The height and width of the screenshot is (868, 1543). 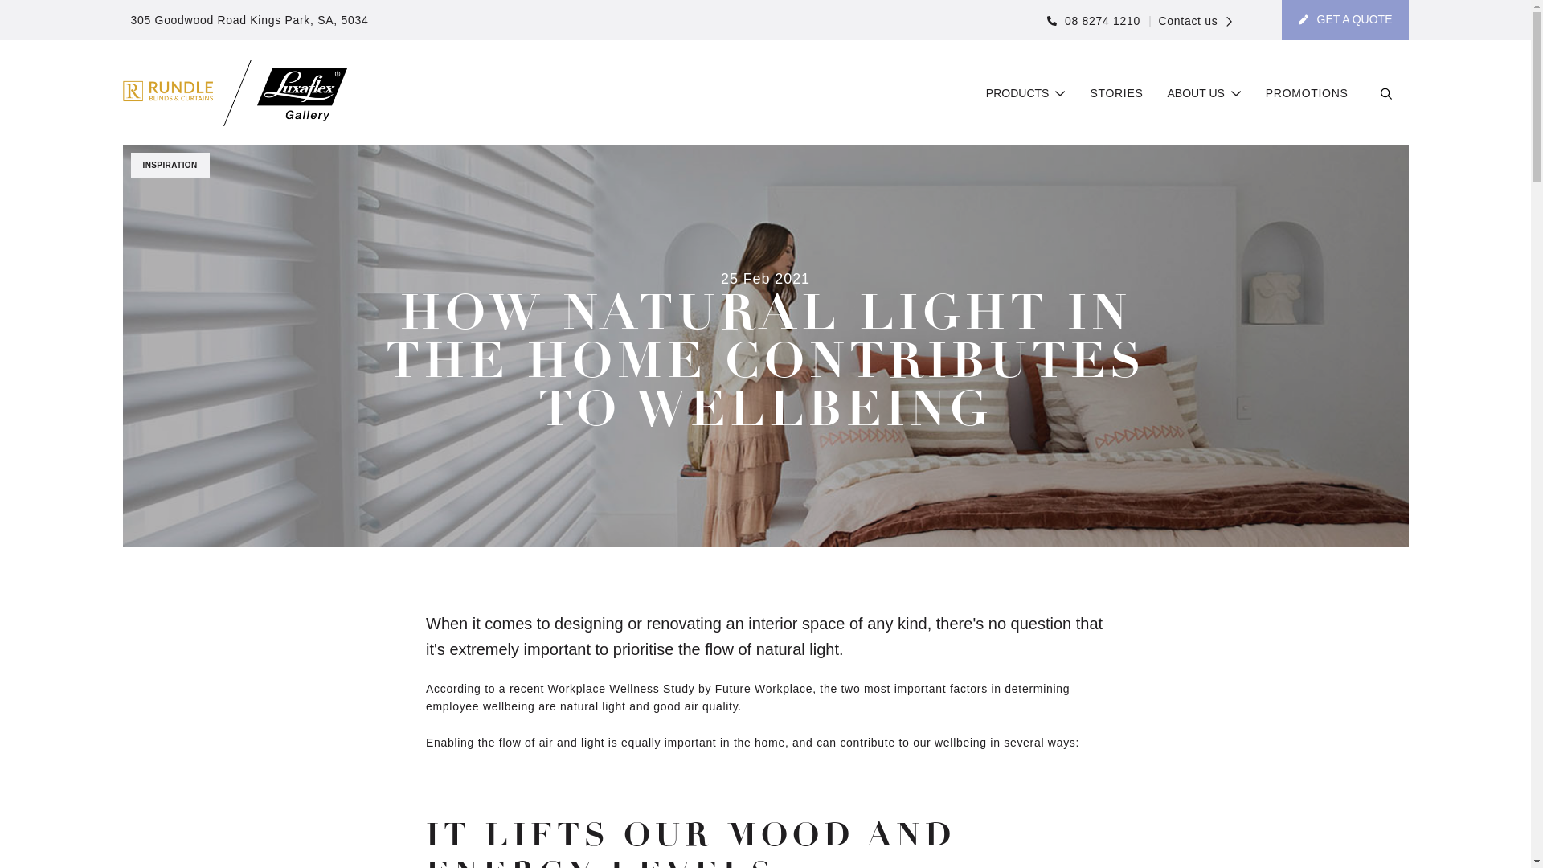 I want to click on 'STORIES', so click(x=1090, y=93).